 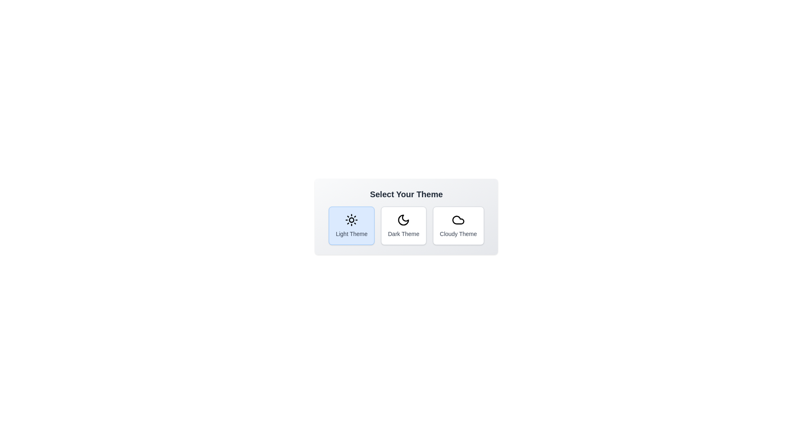 I want to click on the 'Light Theme' text label, which is part of a selectable button with a light blue background, so click(x=352, y=234).